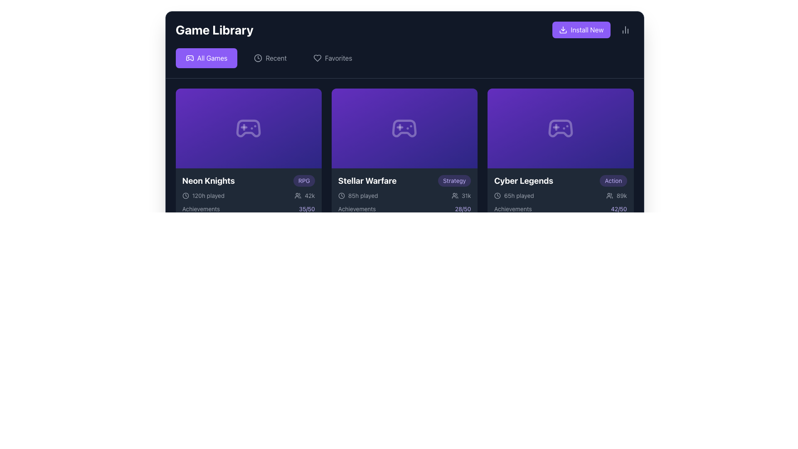 This screenshot has width=798, height=449. What do you see at coordinates (560, 128) in the screenshot?
I see `the gamepad icon with a modern flat design located on the game card titled 'Cyber Legends' in the game library interface` at bounding box center [560, 128].